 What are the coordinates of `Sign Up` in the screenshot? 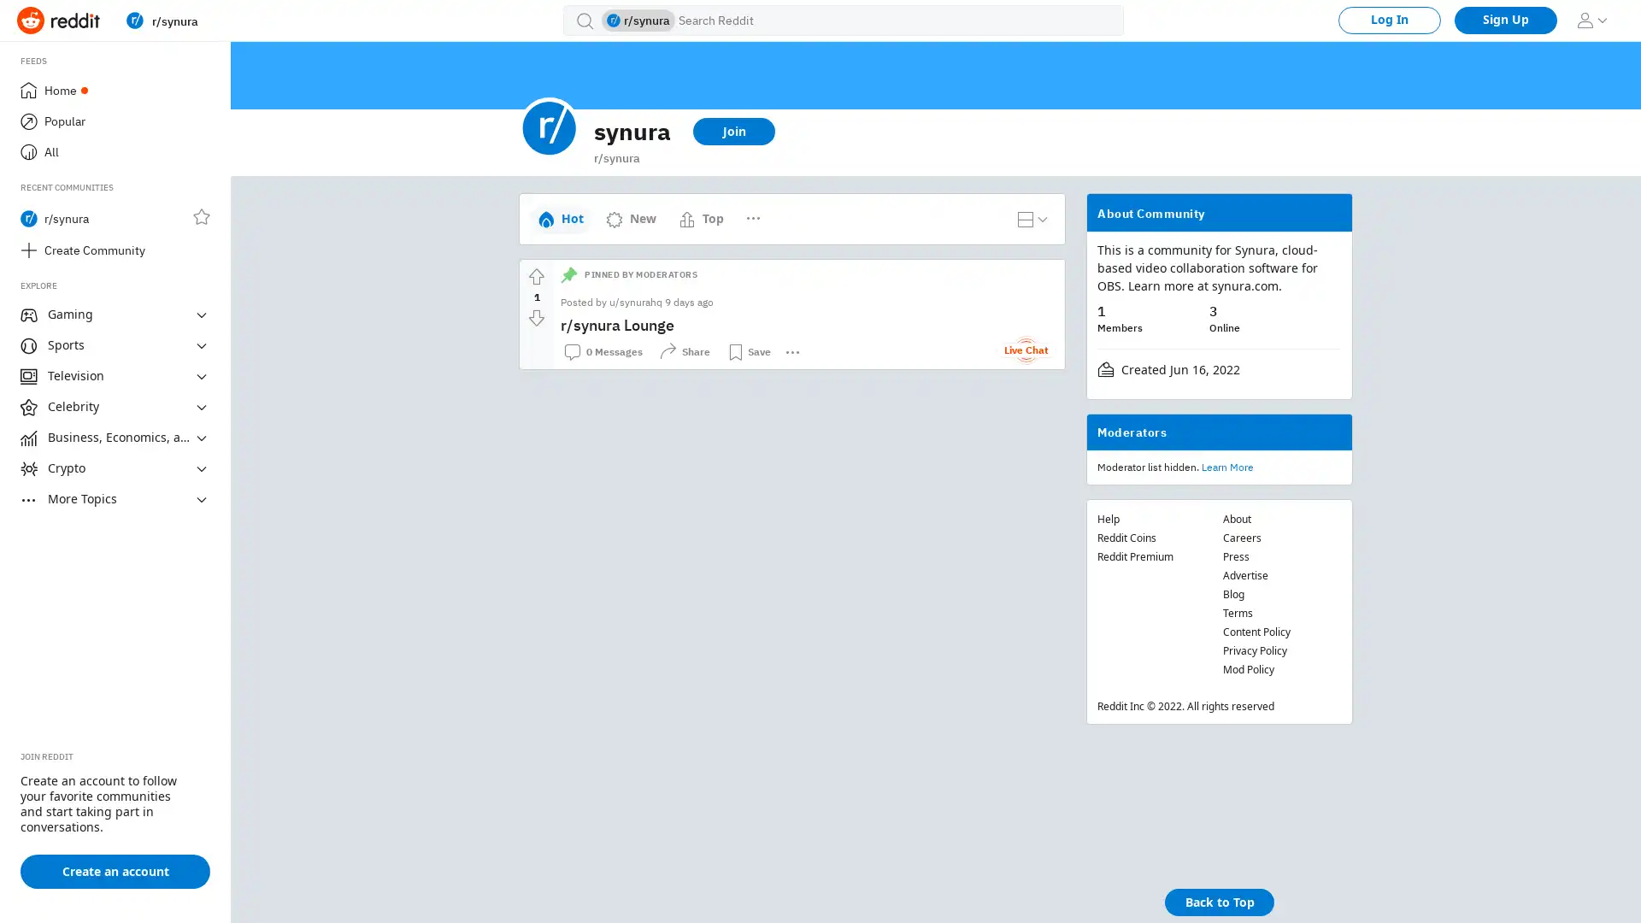 It's located at (1505, 20).